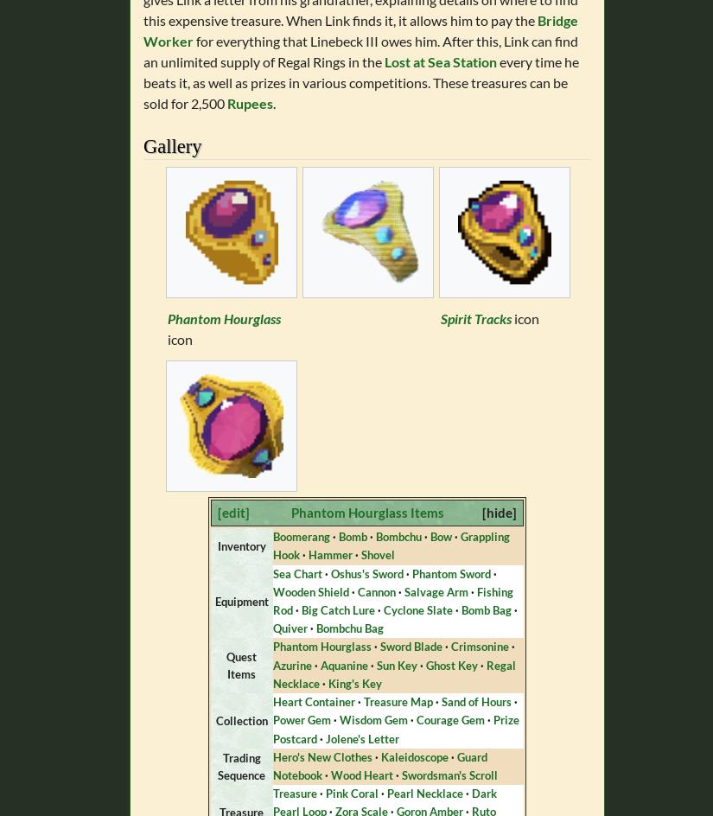 This screenshot has width=713, height=816. I want to click on 'every time he beats it, as well as prizes in various competitions. These treasures can be sold for 2,500', so click(361, 81).